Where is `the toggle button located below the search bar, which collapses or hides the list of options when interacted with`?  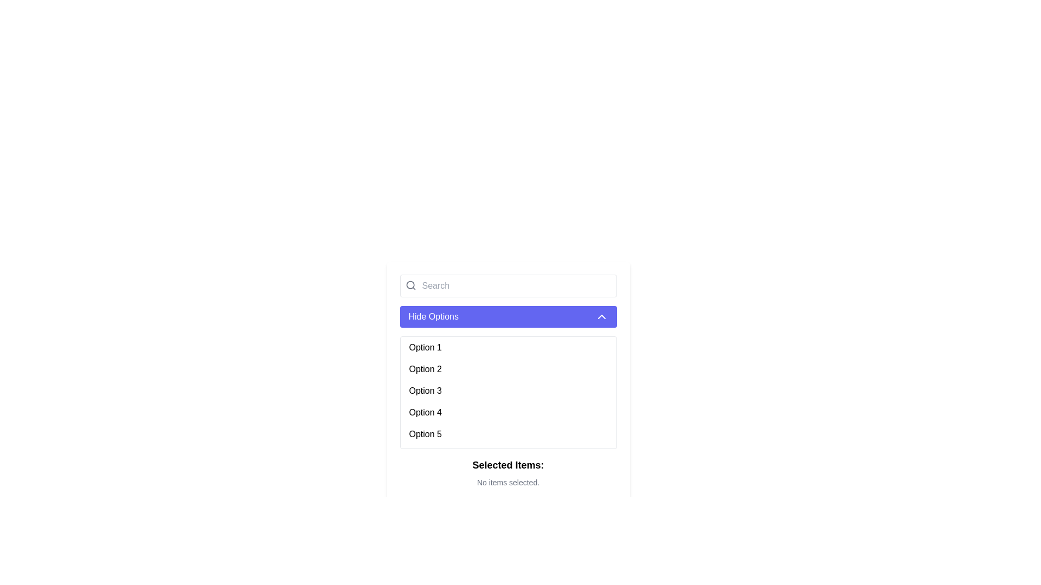
the toggle button located below the search bar, which collapses or hides the list of options when interacted with is located at coordinates (507, 317).